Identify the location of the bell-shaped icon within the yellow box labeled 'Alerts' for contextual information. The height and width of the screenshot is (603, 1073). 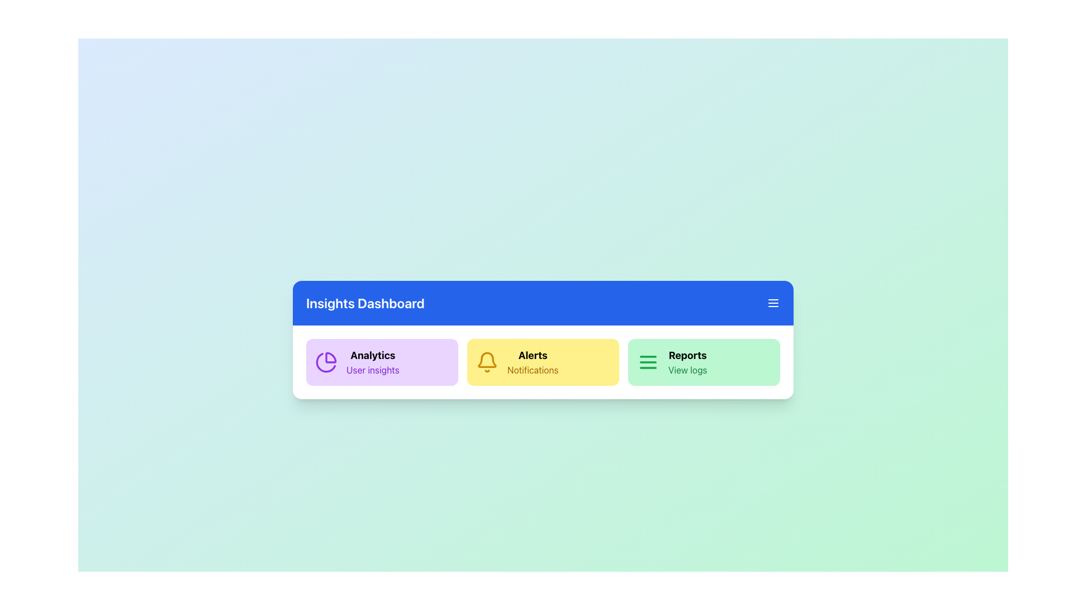
(487, 362).